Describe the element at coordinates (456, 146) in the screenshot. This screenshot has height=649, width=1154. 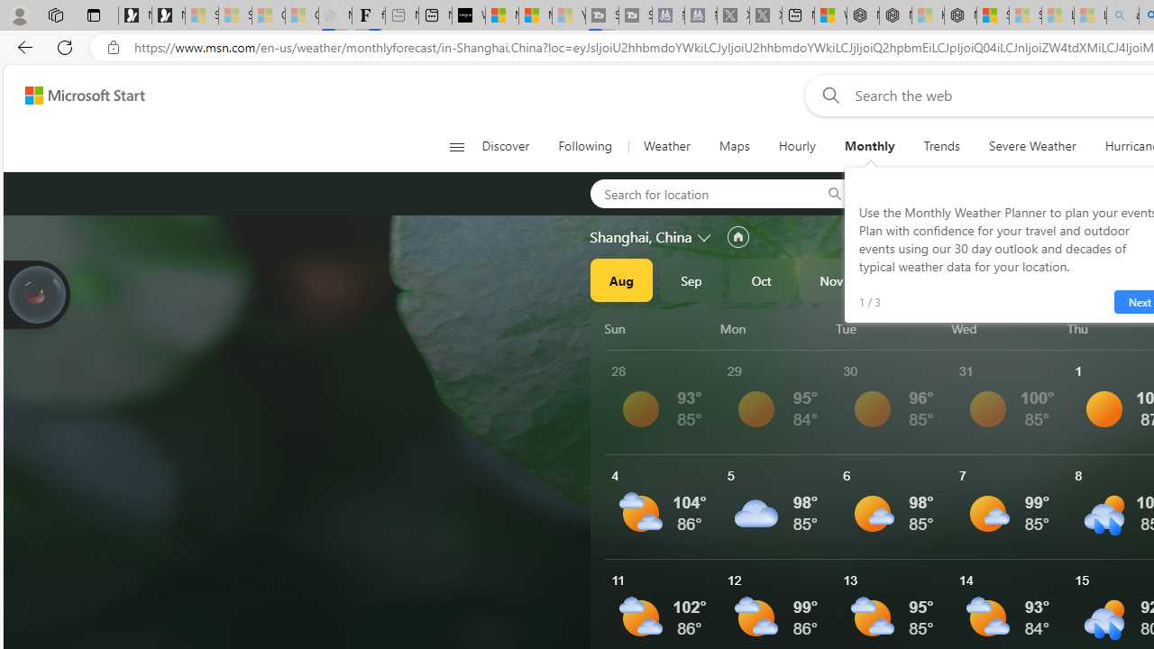
I see `'Open navigation menu'` at that location.